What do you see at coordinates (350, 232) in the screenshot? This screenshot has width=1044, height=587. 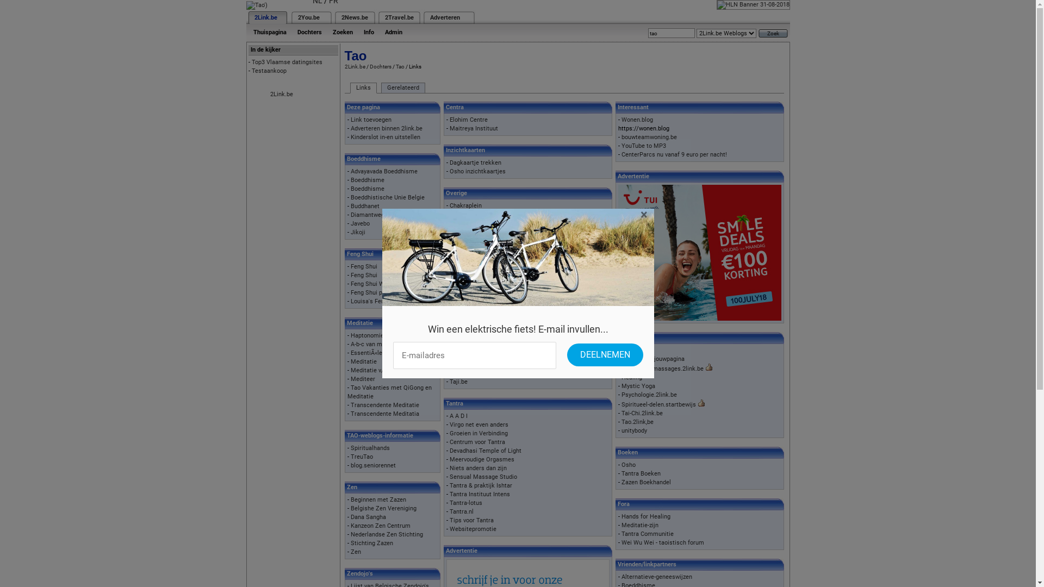 I see `'Jikoji'` at bounding box center [350, 232].